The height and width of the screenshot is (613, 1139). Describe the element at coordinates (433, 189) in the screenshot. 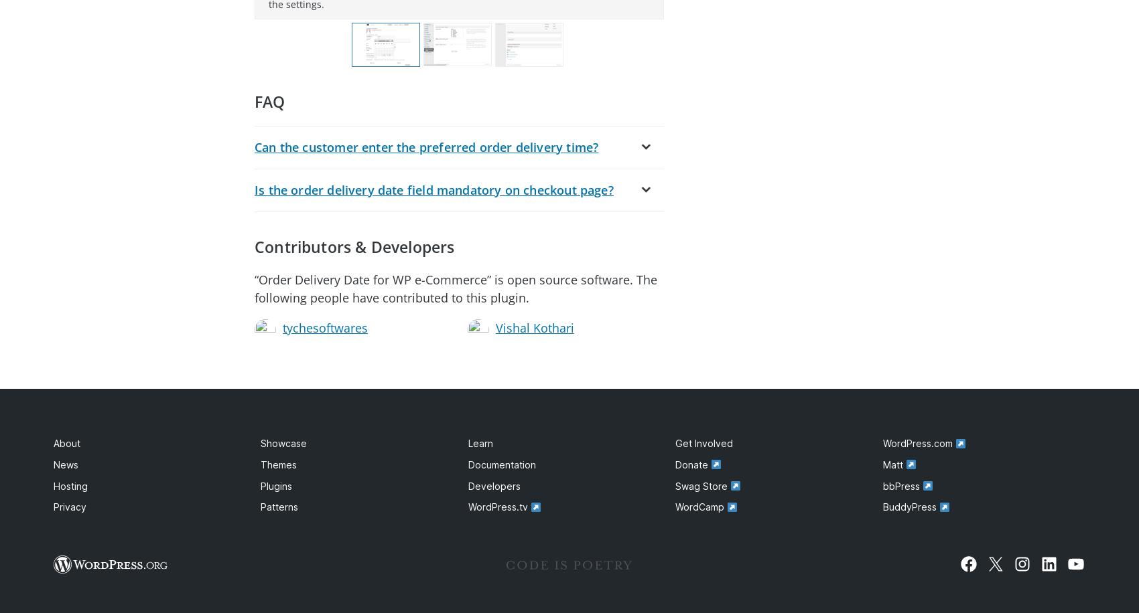

I see `'Is the order delivery date field mandatory on checkout page?'` at that location.